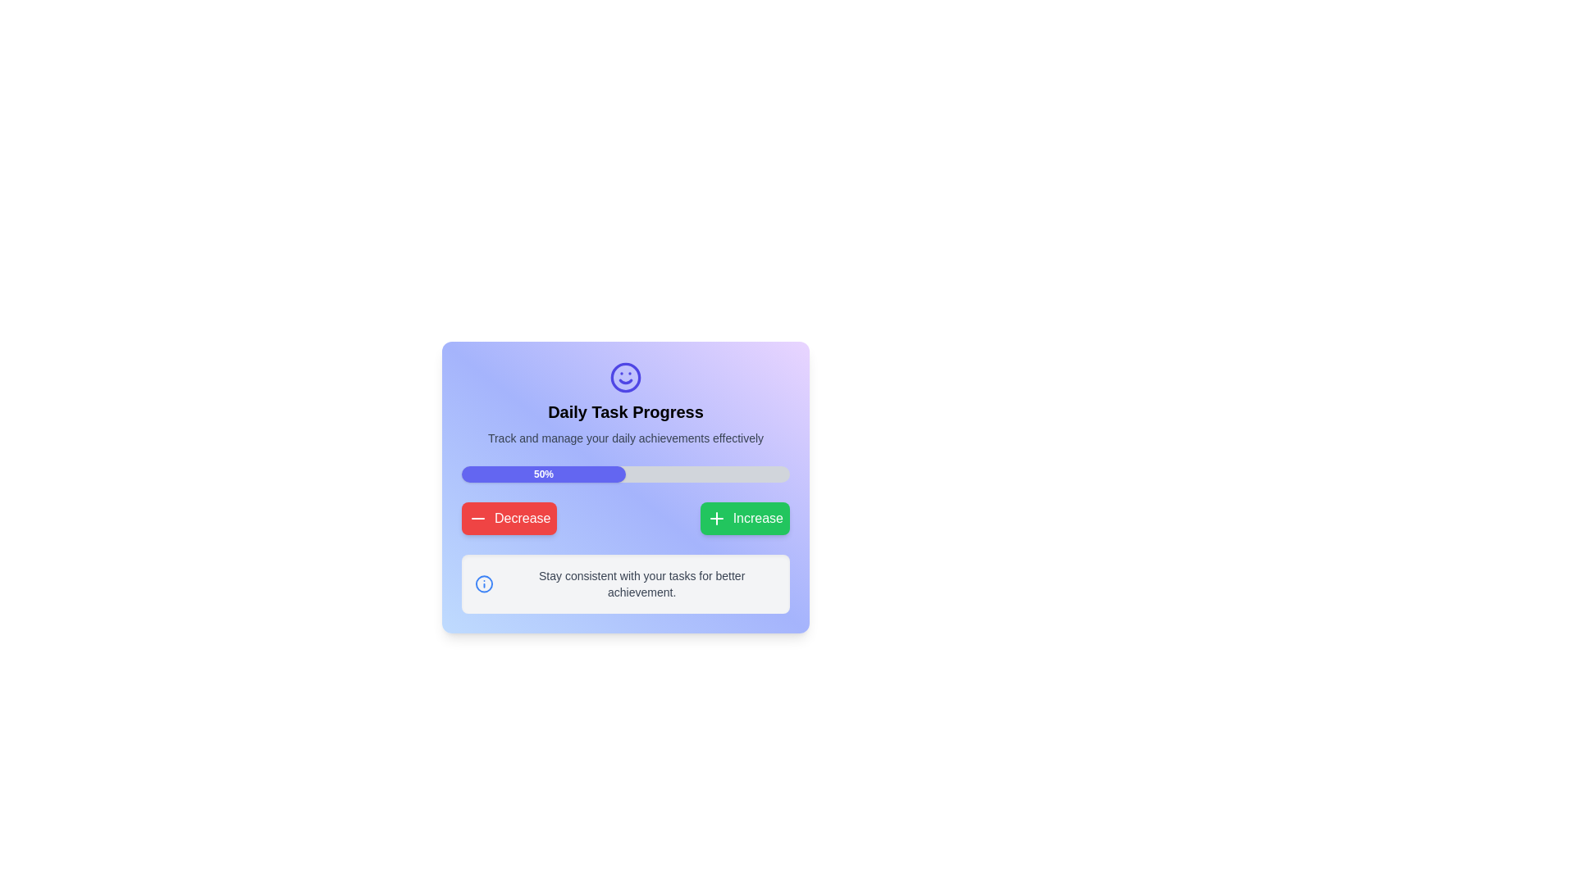  Describe the element at coordinates (625, 411) in the screenshot. I see `the title or headline text element that indicates daily task progress, located just below an icon and above a descriptive text block` at that location.